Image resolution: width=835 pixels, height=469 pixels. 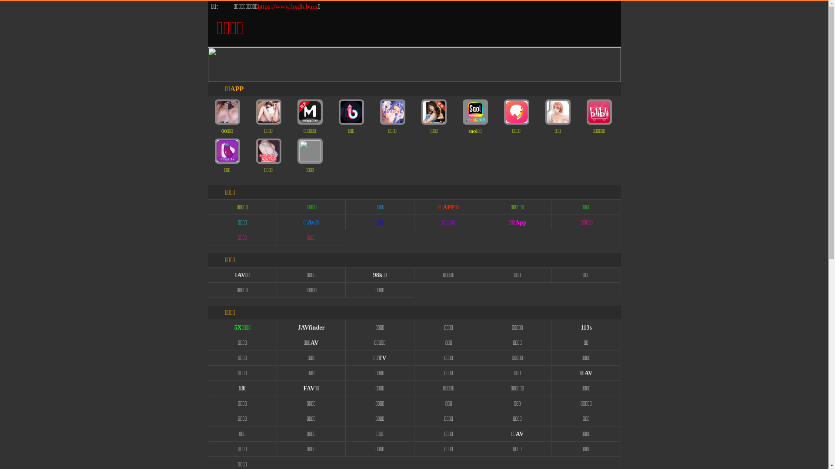 I want to click on '113s', so click(x=586, y=327).